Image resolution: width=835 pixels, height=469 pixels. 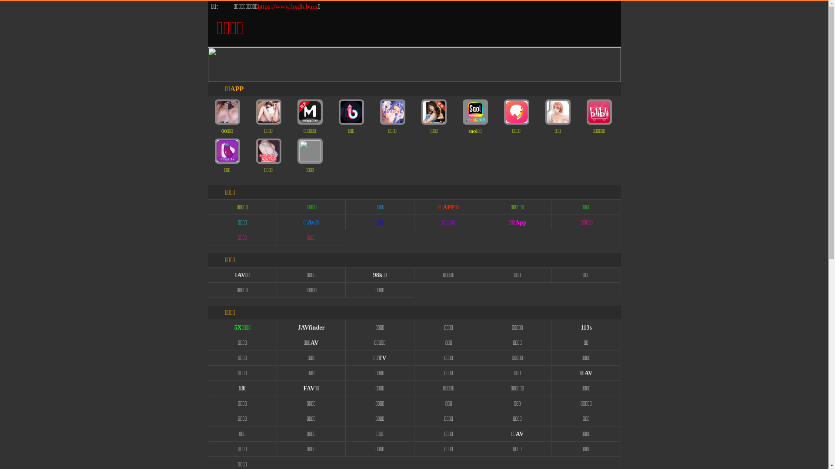 I want to click on '113s', so click(x=586, y=327).